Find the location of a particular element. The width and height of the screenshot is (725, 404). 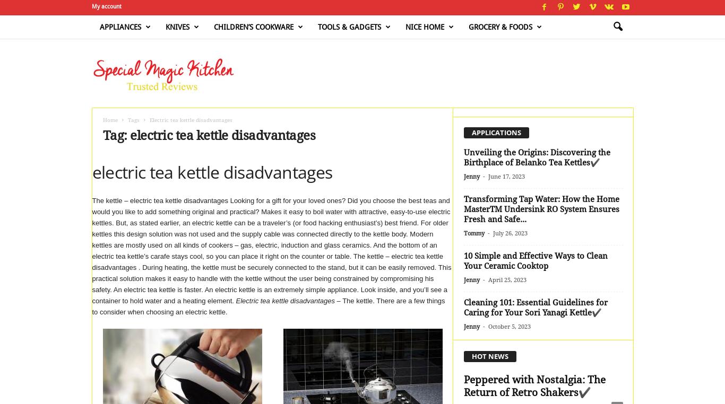

'Transforming Tap Water: How the Home MasterTM Undersink RO System Ensures Fresh and Safe...' is located at coordinates (541, 209).